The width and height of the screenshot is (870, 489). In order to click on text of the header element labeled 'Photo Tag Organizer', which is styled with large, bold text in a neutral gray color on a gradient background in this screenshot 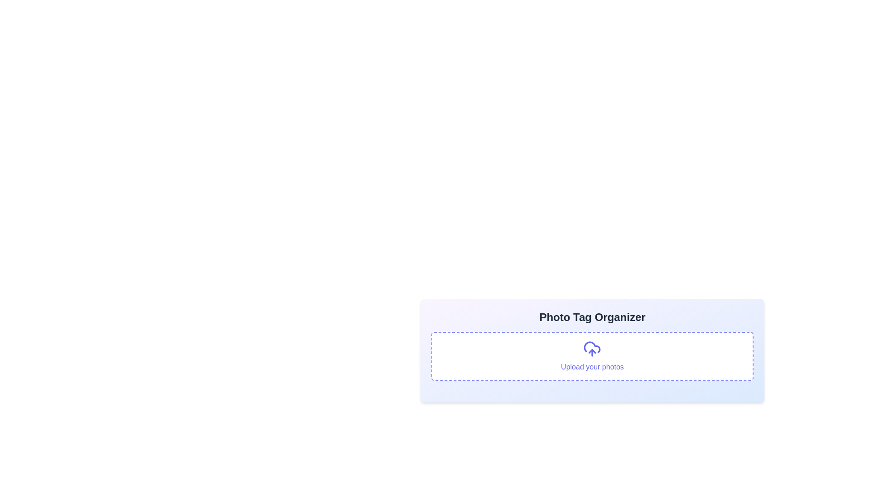, I will do `click(592, 317)`.